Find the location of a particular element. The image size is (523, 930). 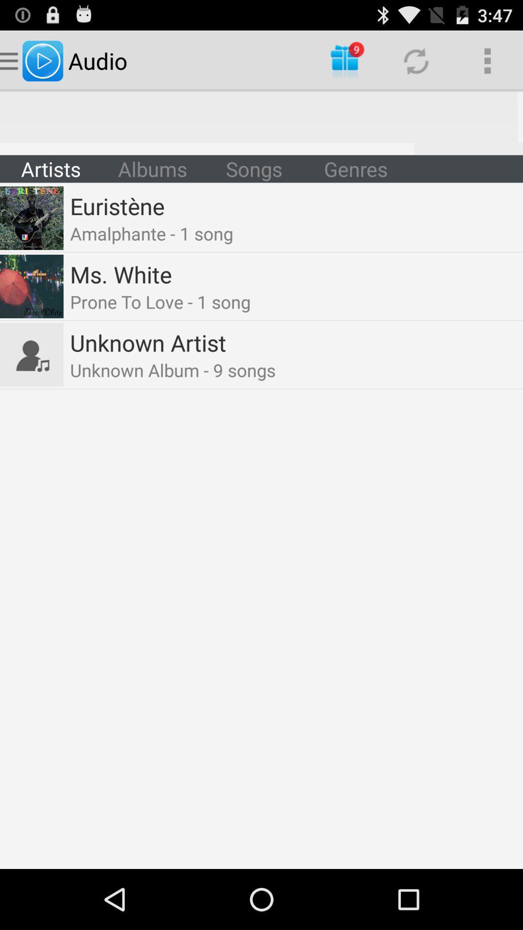

the app next to the audio item is located at coordinates (344, 60).